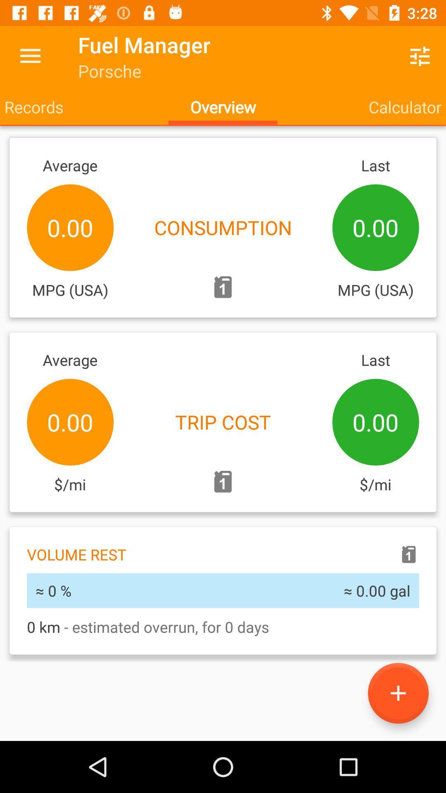  Describe the element at coordinates (420, 56) in the screenshot. I see `the icon next to fuel manager icon` at that location.